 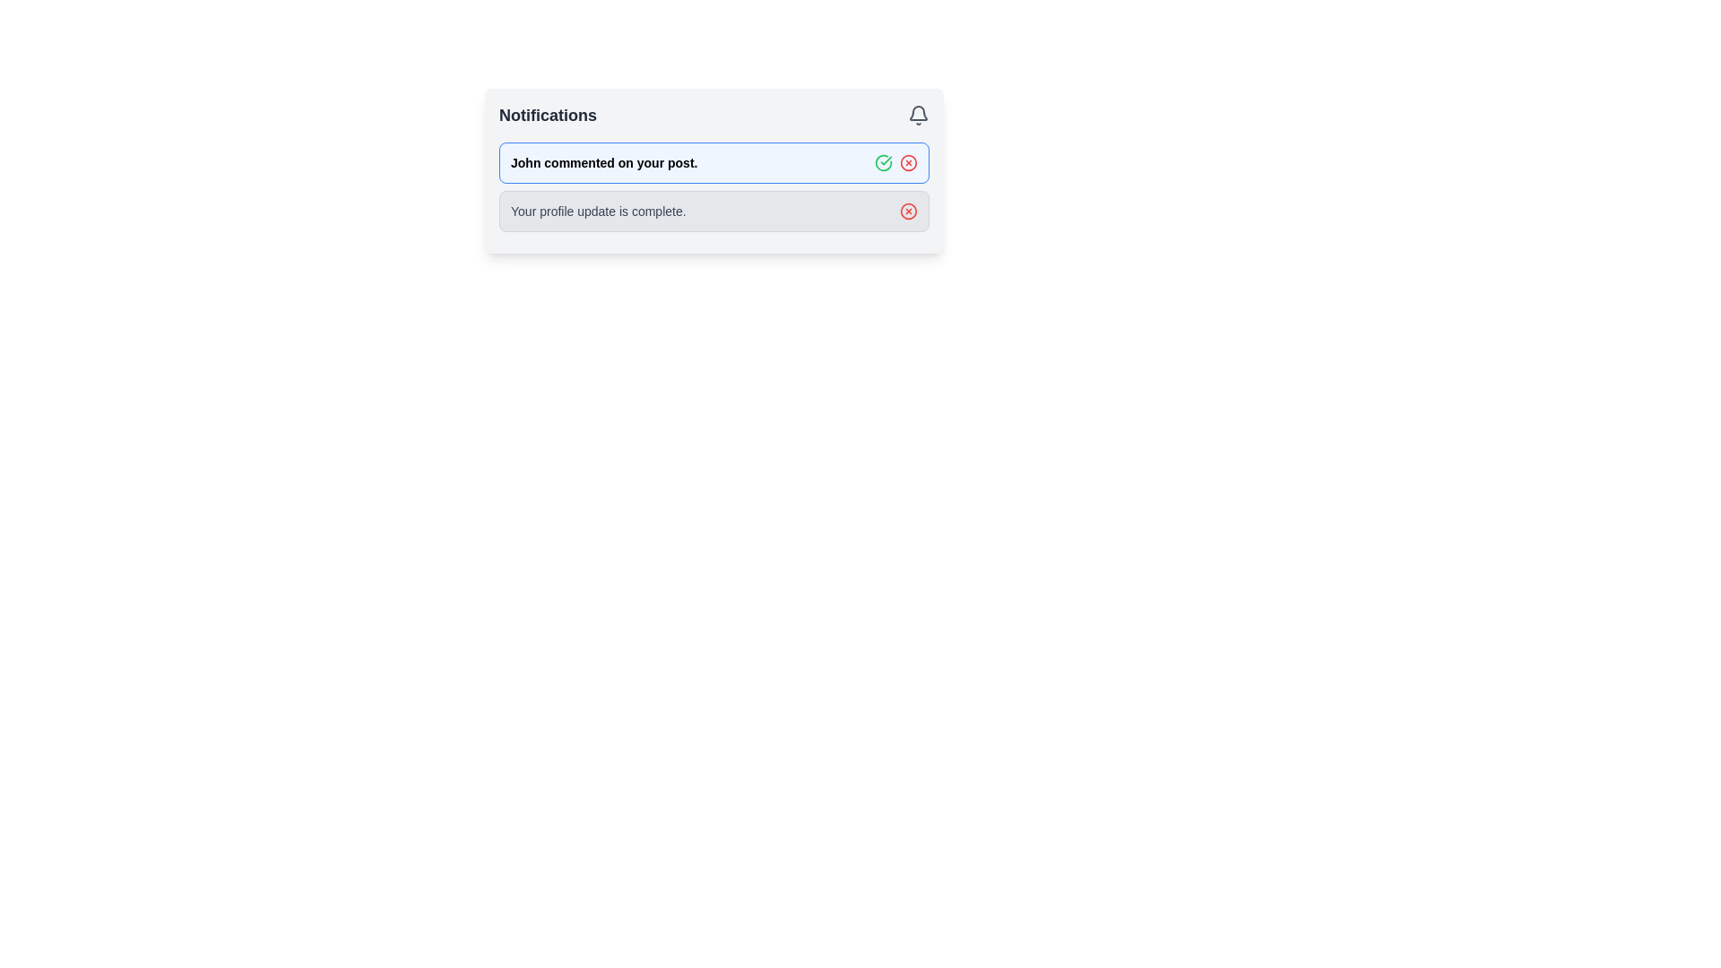 What do you see at coordinates (908, 210) in the screenshot?
I see `the small red circular icon with a white 'X'` at bounding box center [908, 210].